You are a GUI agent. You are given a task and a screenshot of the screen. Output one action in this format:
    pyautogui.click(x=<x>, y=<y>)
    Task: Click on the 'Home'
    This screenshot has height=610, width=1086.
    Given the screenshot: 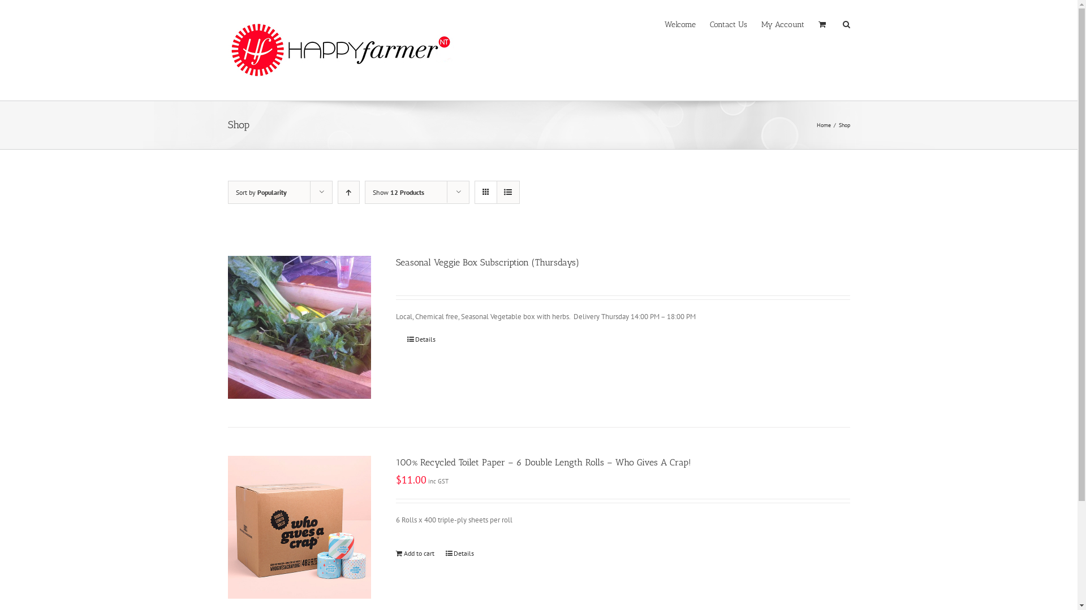 What is the action you would take?
    pyautogui.click(x=824, y=125)
    